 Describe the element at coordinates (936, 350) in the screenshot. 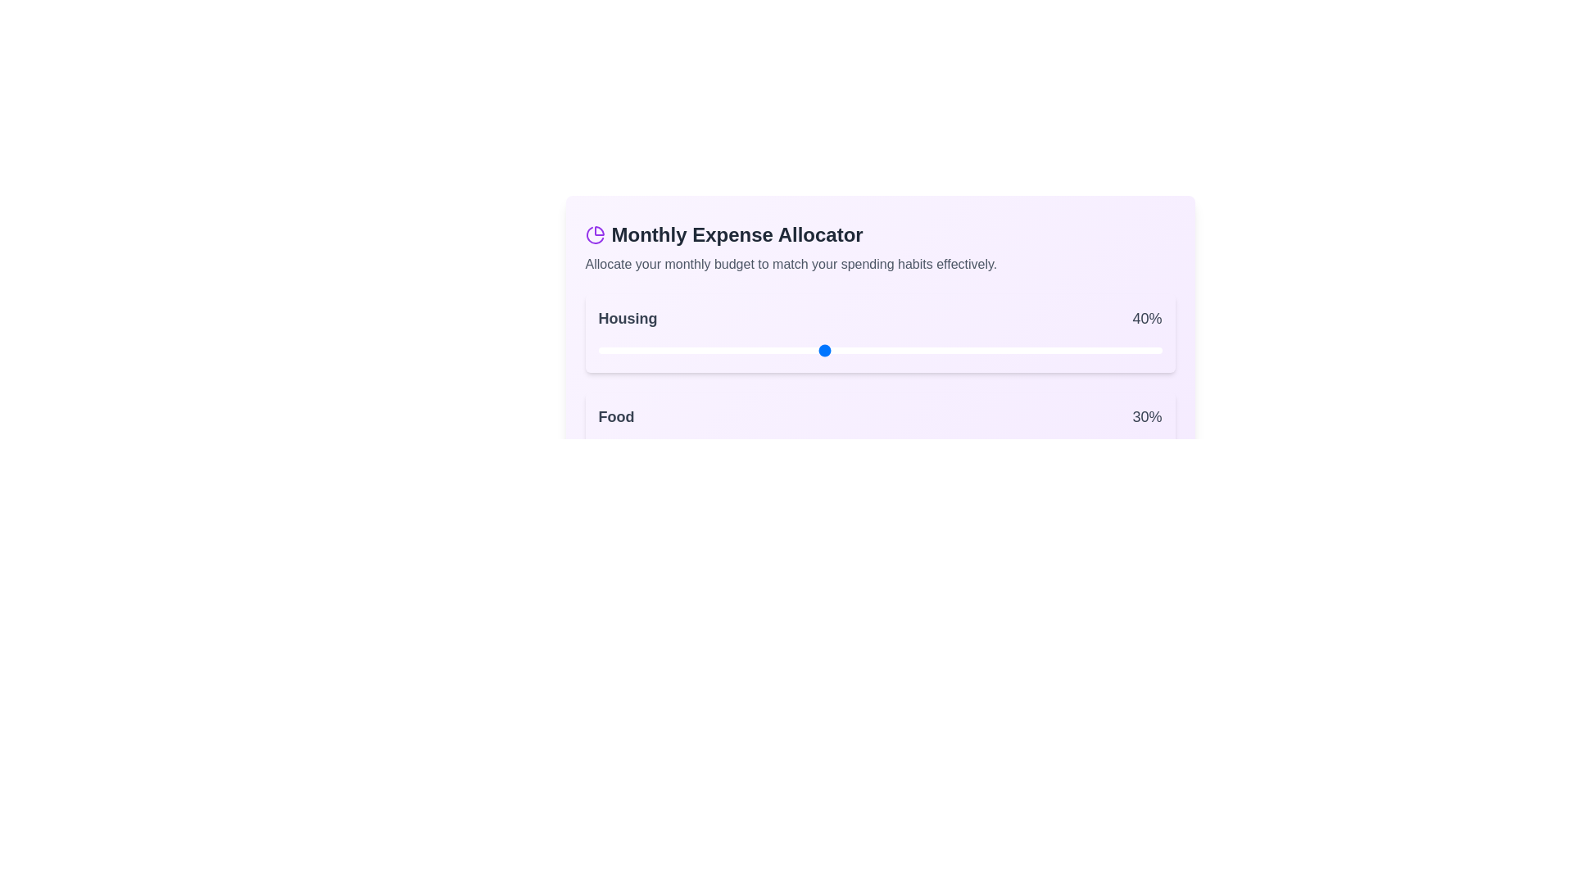

I see `the budget for Housing` at that location.